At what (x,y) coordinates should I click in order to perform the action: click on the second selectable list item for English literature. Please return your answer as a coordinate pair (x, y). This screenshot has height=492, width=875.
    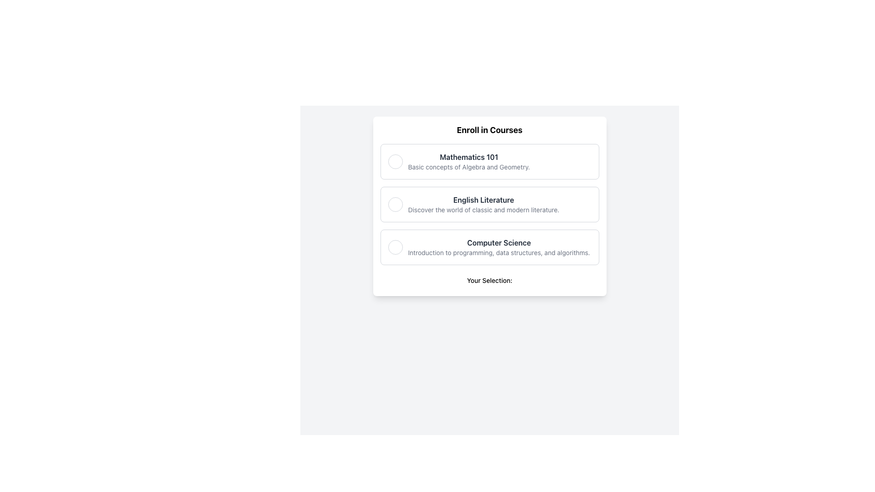
    Looking at the image, I should click on (483, 204).